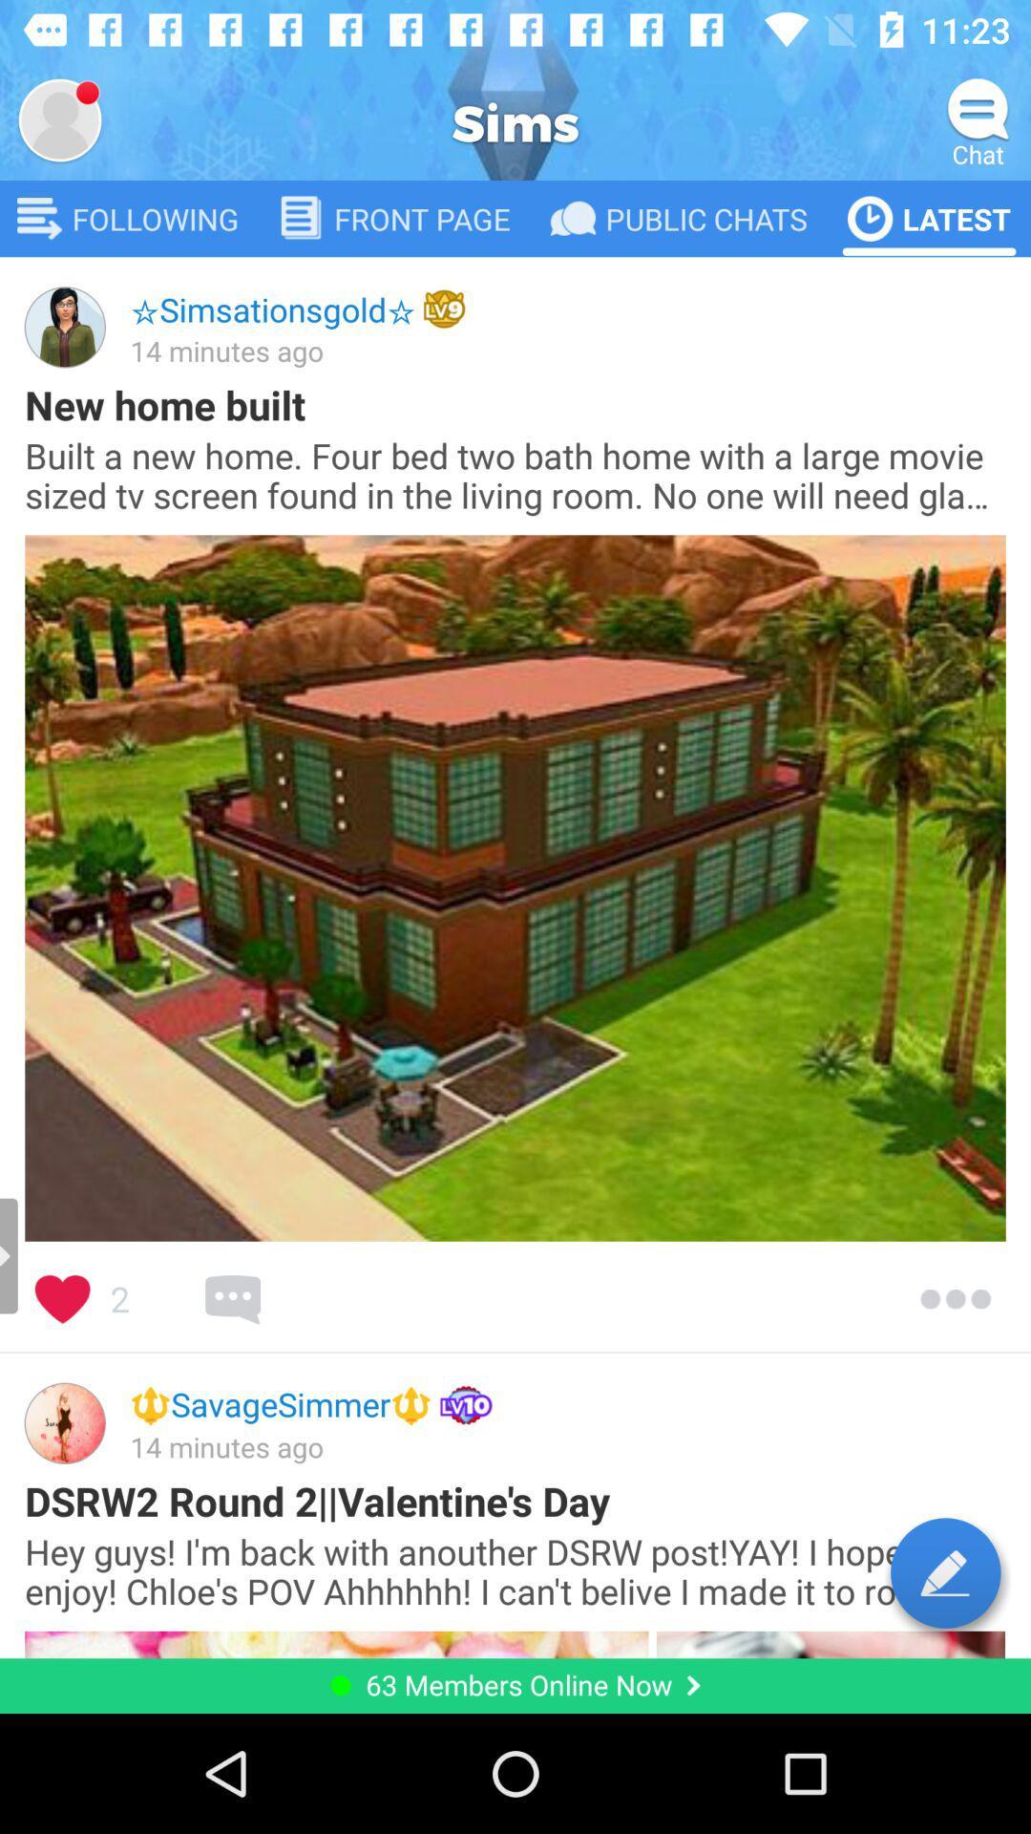 The image size is (1031, 1834). What do you see at coordinates (58, 118) in the screenshot?
I see `profile page` at bounding box center [58, 118].